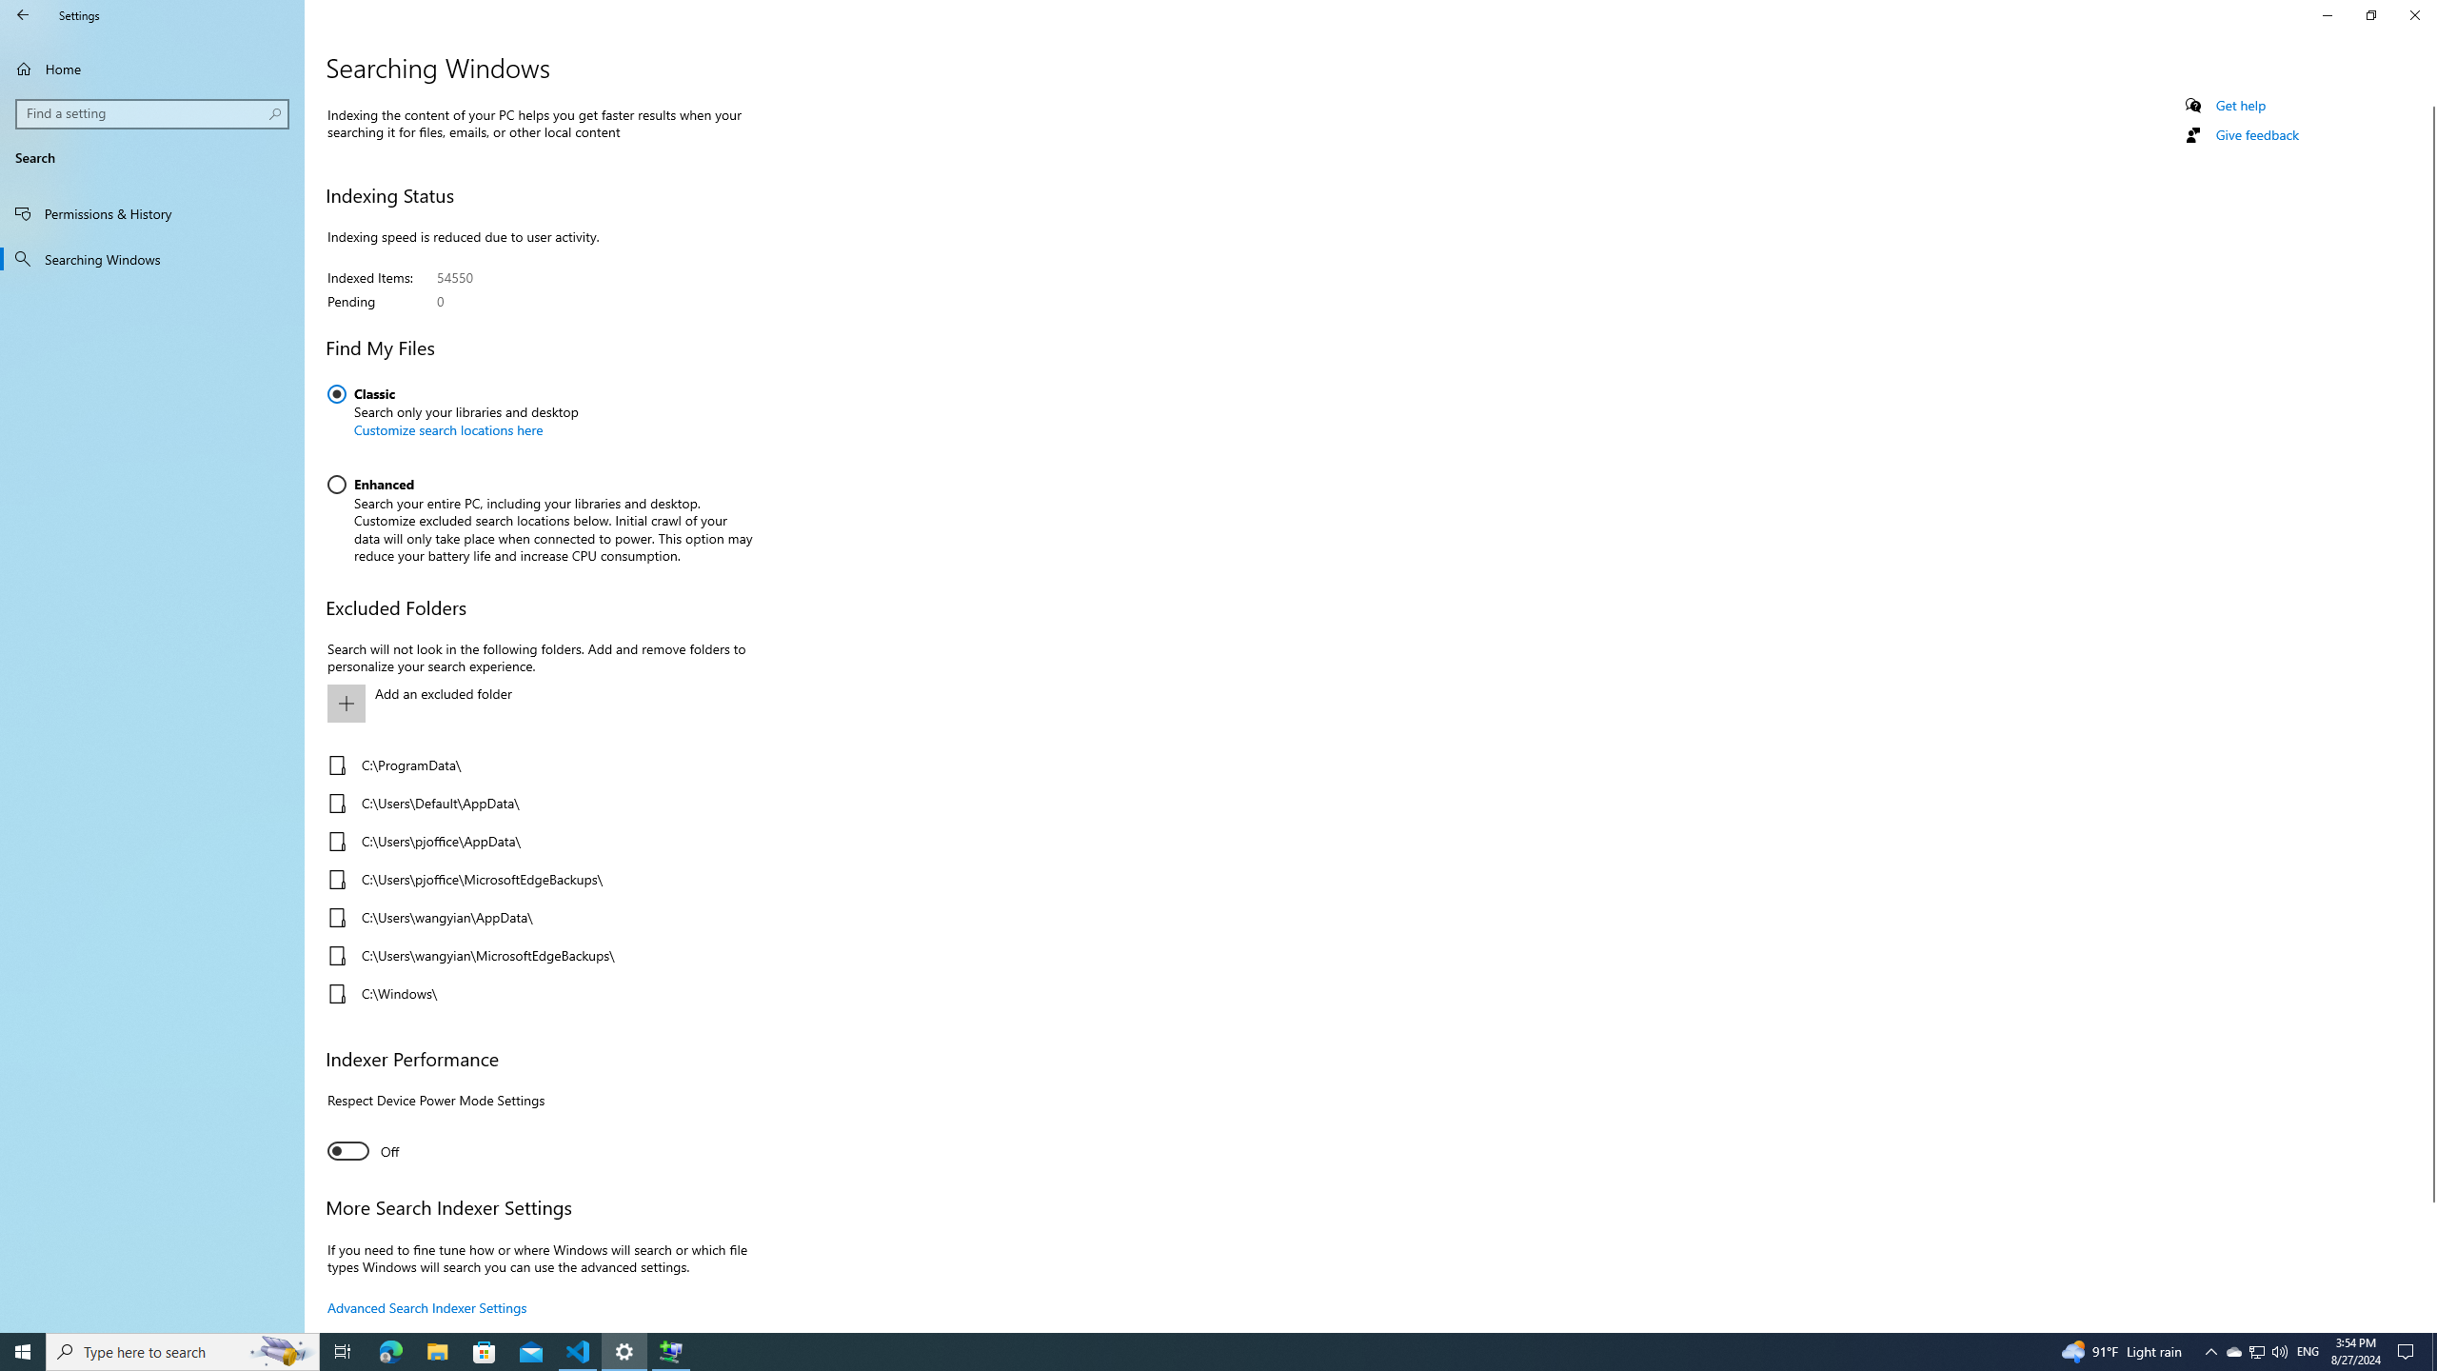 This screenshot has width=2437, height=1371. Describe the element at coordinates (2428, 1259) in the screenshot. I see `'Vertical Large Increase'` at that location.